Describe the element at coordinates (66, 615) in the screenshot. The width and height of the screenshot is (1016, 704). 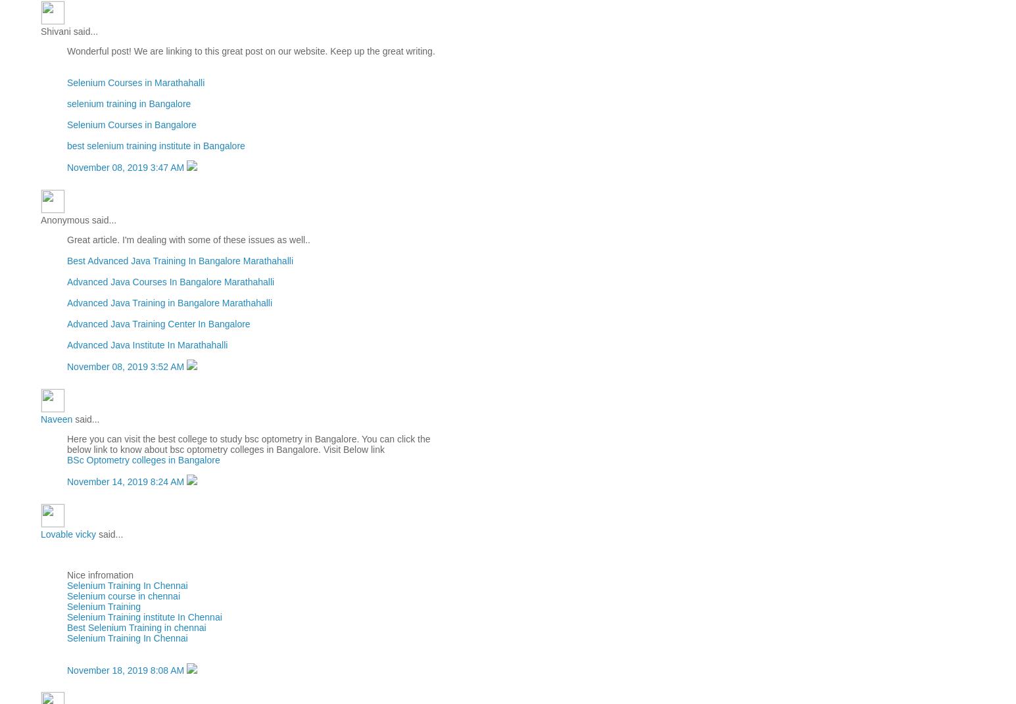
I see `'Selenium Training institute In Chennai'` at that location.